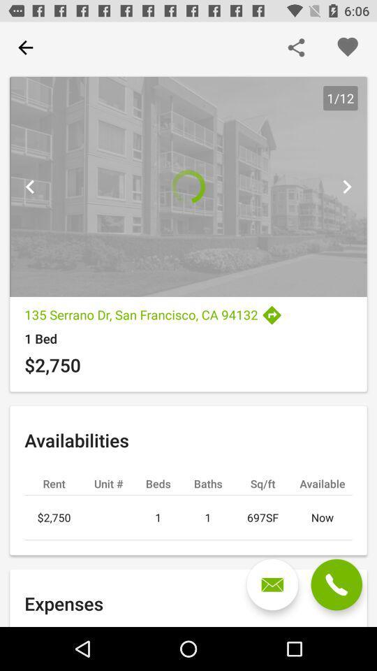 The image size is (377, 671). What do you see at coordinates (30, 186) in the screenshot?
I see `previous photo button` at bounding box center [30, 186].